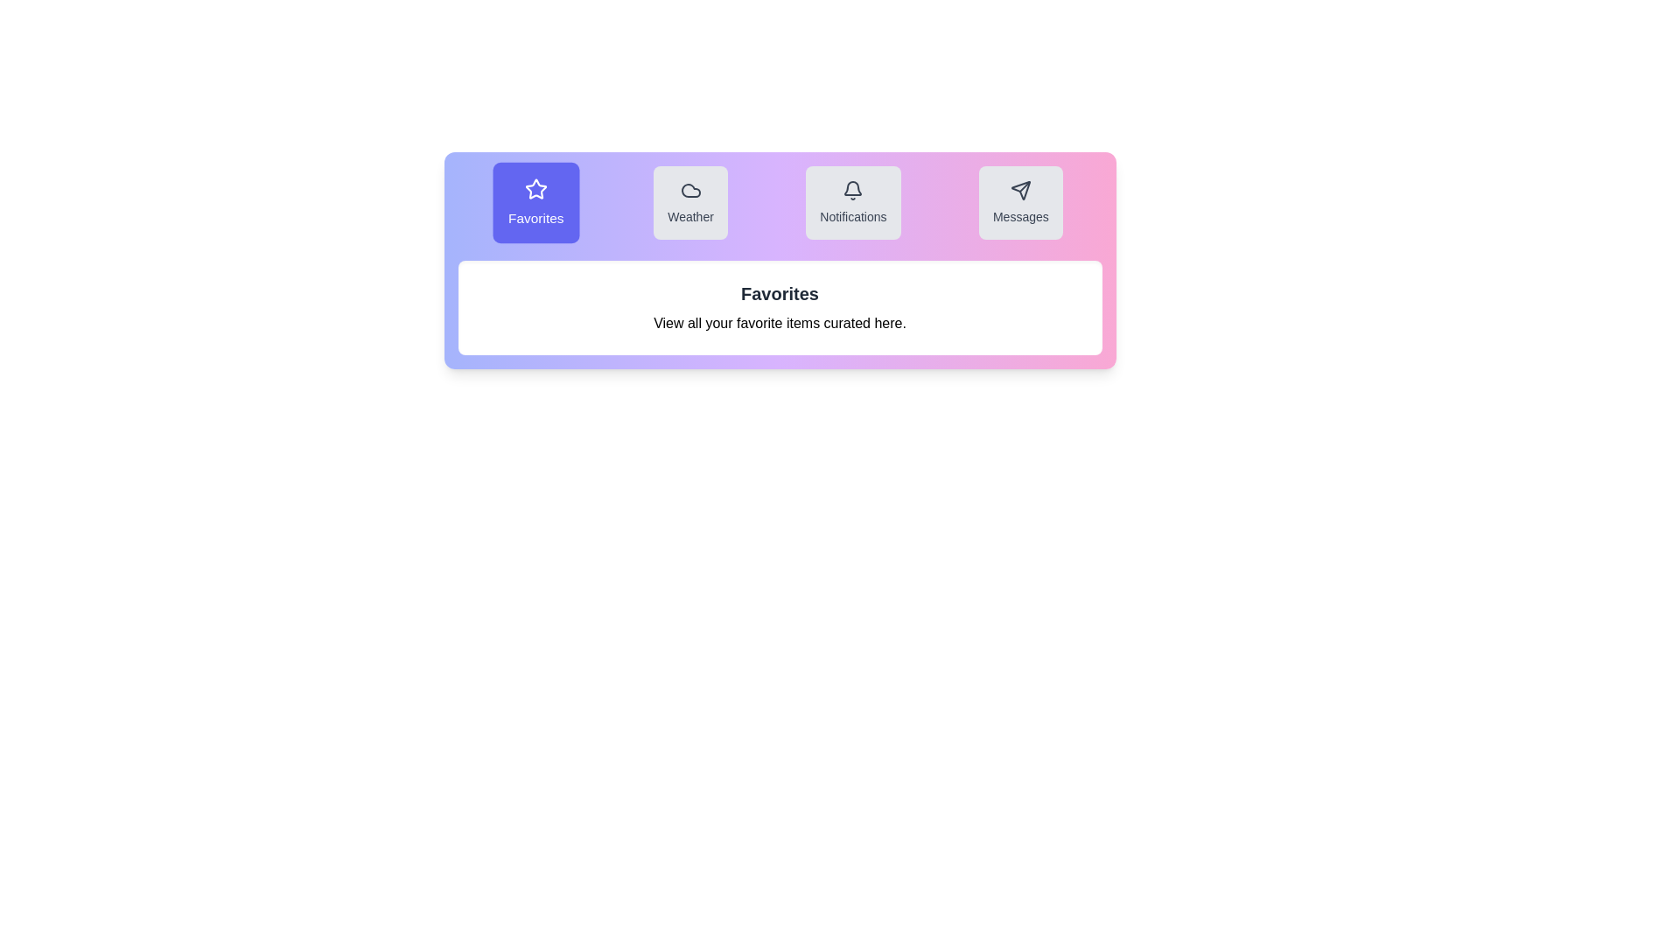  Describe the element at coordinates (689, 201) in the screenshot. I see `the tab labeled Weather to switch to its content view` at that location.